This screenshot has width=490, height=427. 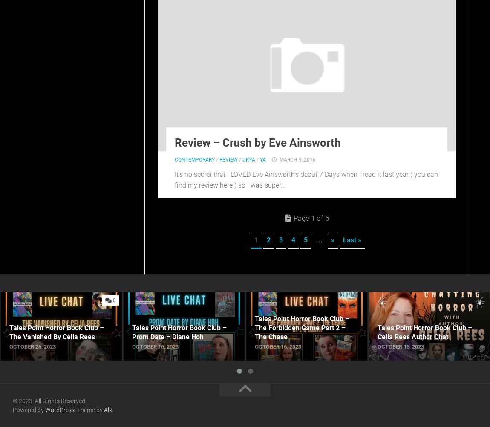 I want to click on 'Alx', so click(x=107, y=409).